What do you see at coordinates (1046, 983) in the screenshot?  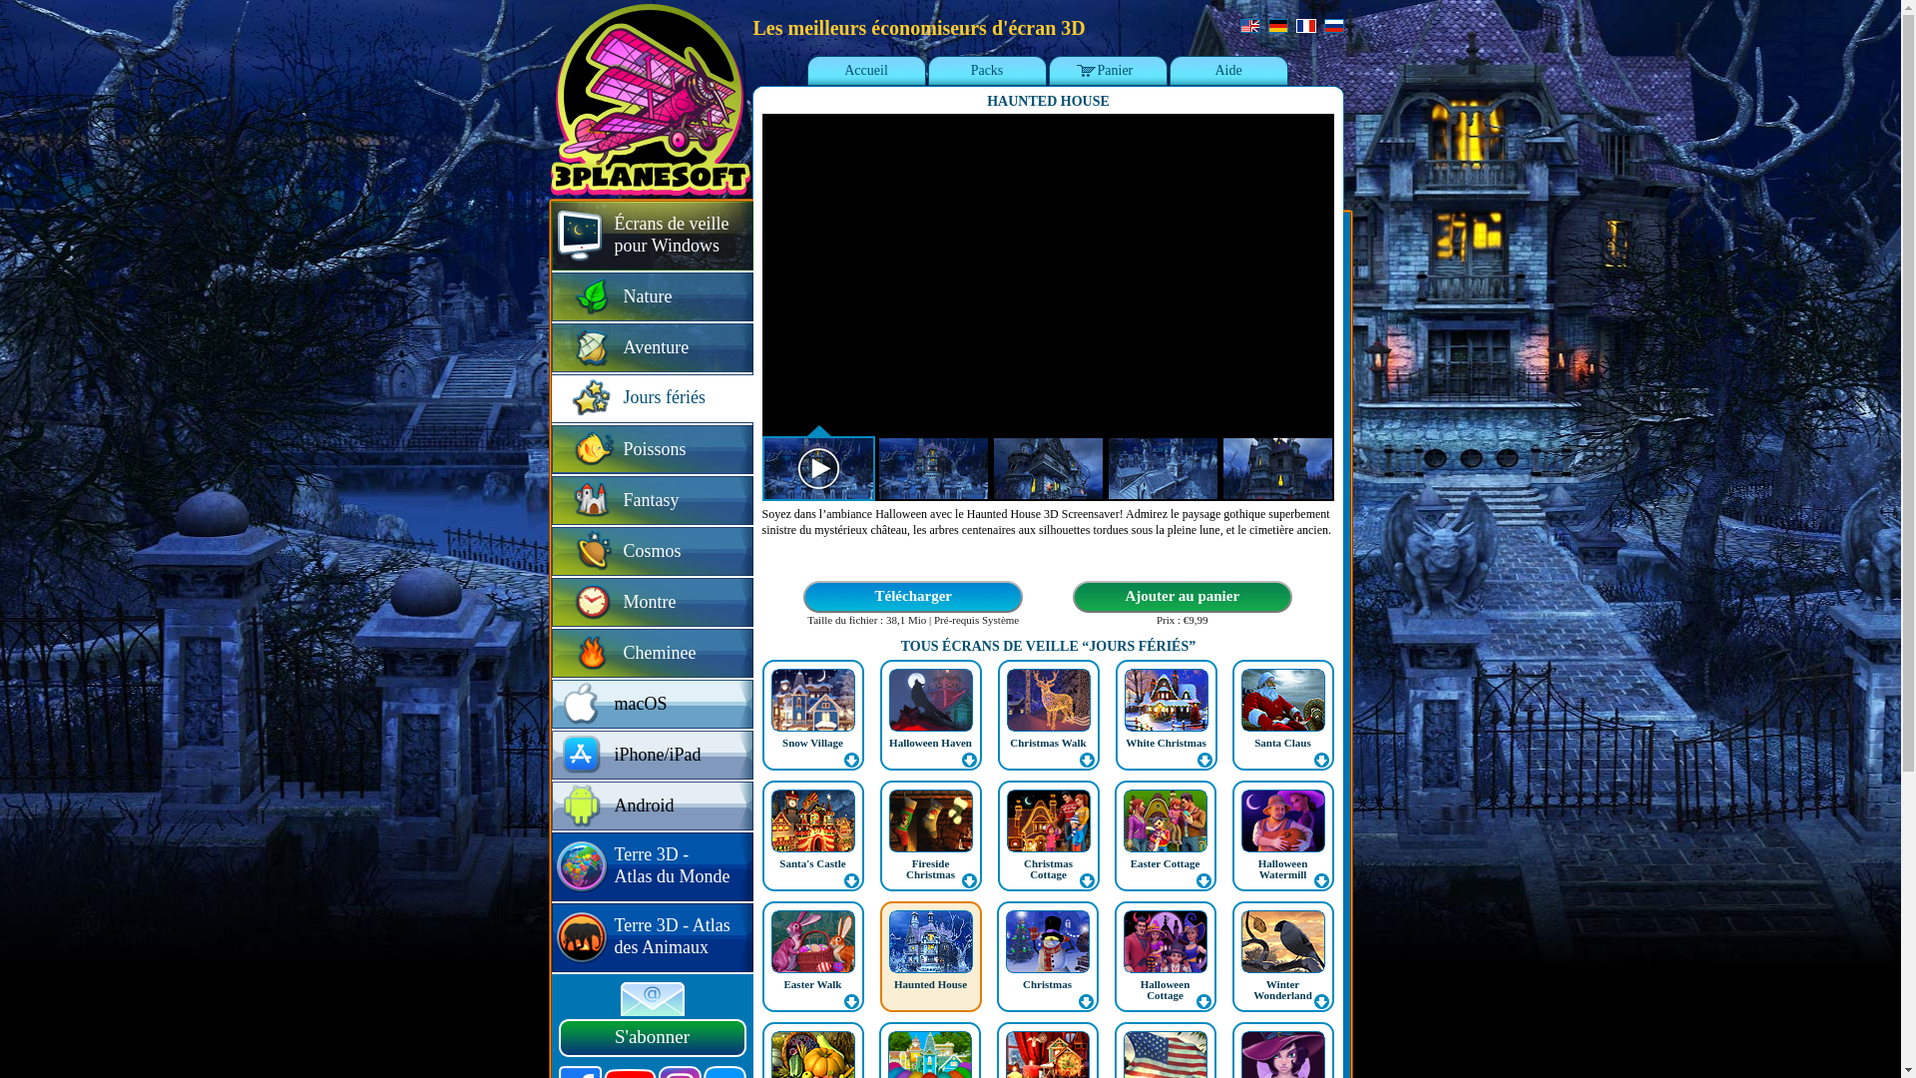 I see `'Christmas'` at bounding box center [1046, 983].